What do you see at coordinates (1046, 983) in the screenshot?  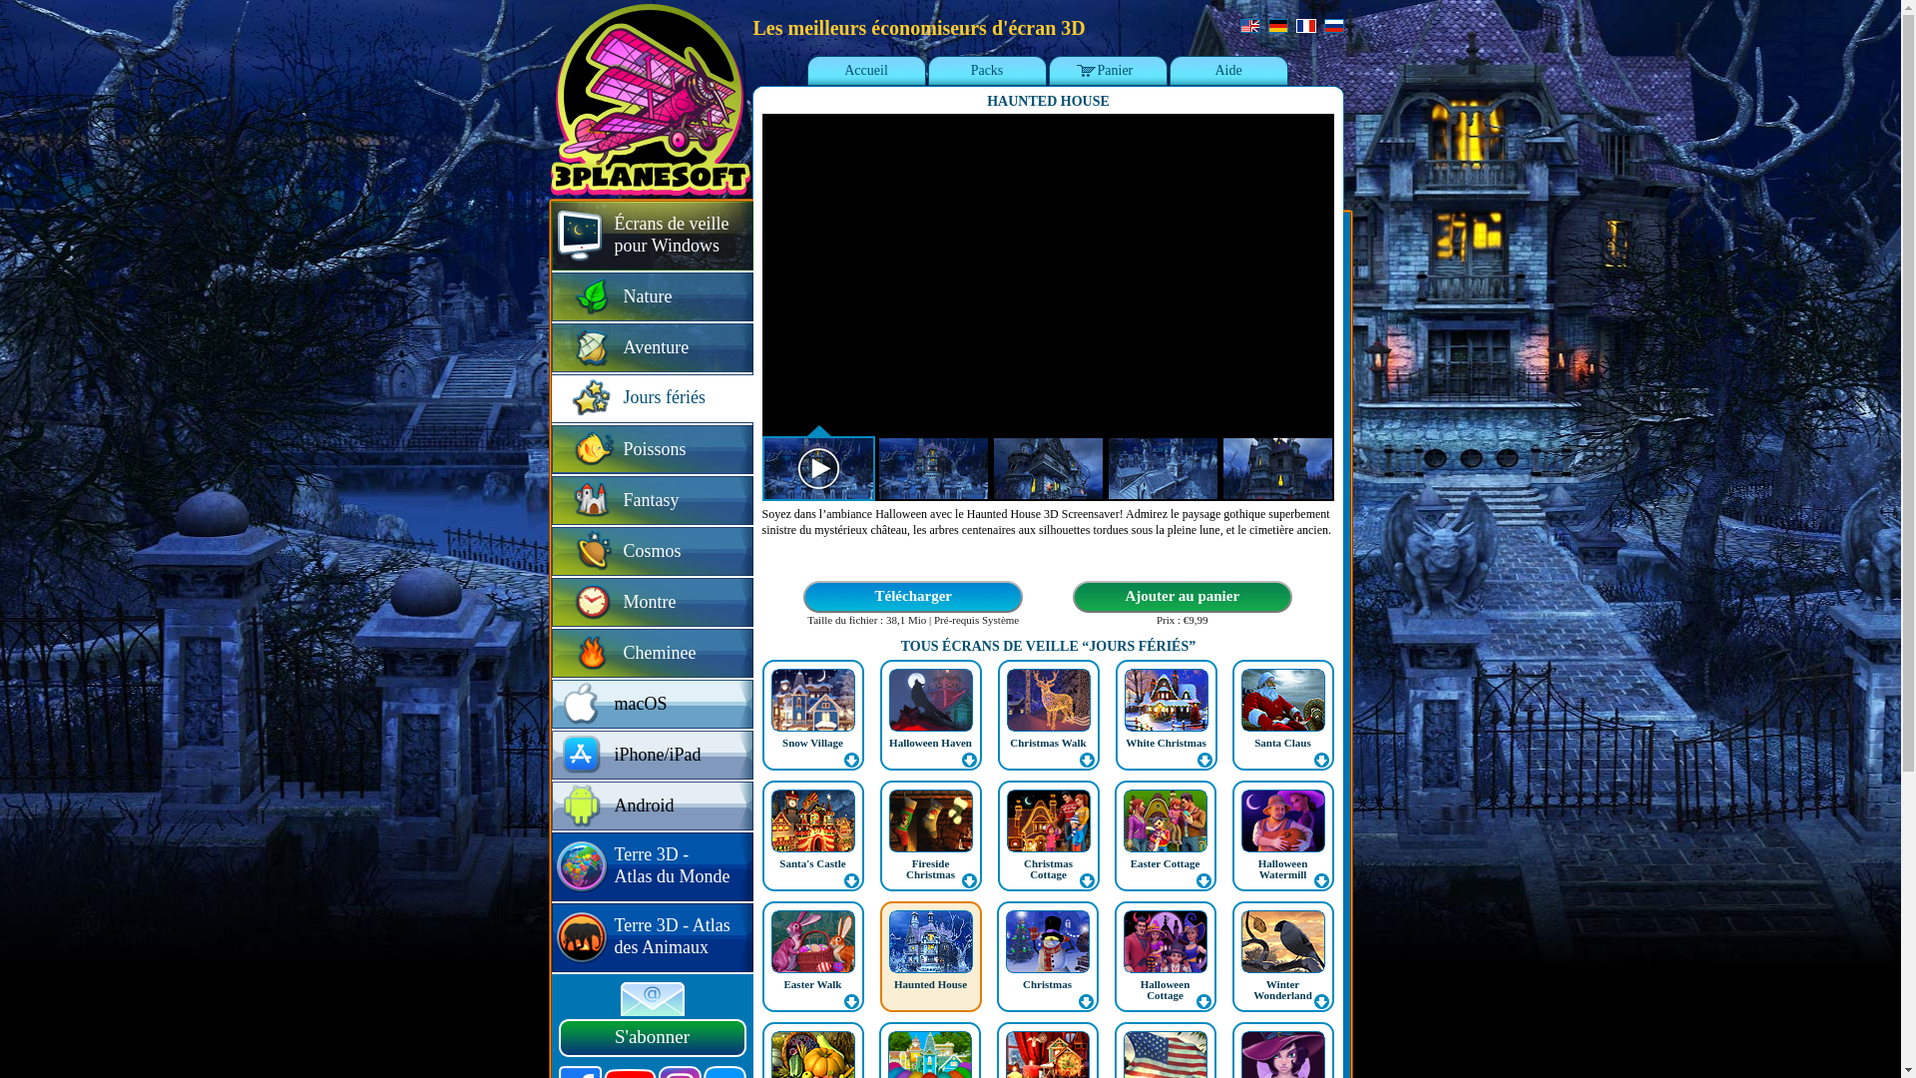 I see `'Christmas'` at bounding box center [1046, 983].